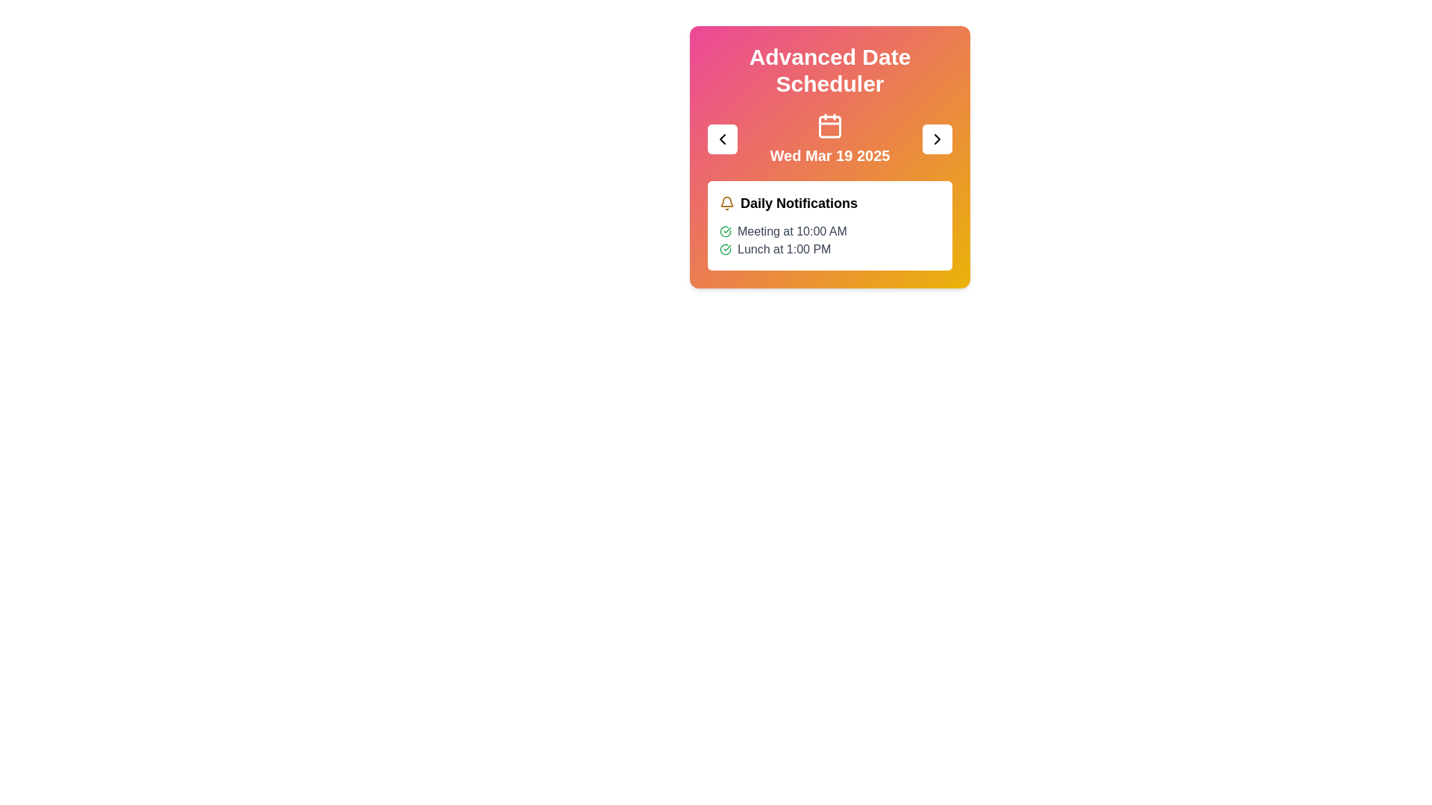 The image size is (1432, 805). Describe the element at coordinates (829, 232) in the screenshot. I see `text item displaying 'Meeting at 10:00 AM', which is preceded by a green checkmark icon and is the first item in the 'Daily Notifications' section` at that location.